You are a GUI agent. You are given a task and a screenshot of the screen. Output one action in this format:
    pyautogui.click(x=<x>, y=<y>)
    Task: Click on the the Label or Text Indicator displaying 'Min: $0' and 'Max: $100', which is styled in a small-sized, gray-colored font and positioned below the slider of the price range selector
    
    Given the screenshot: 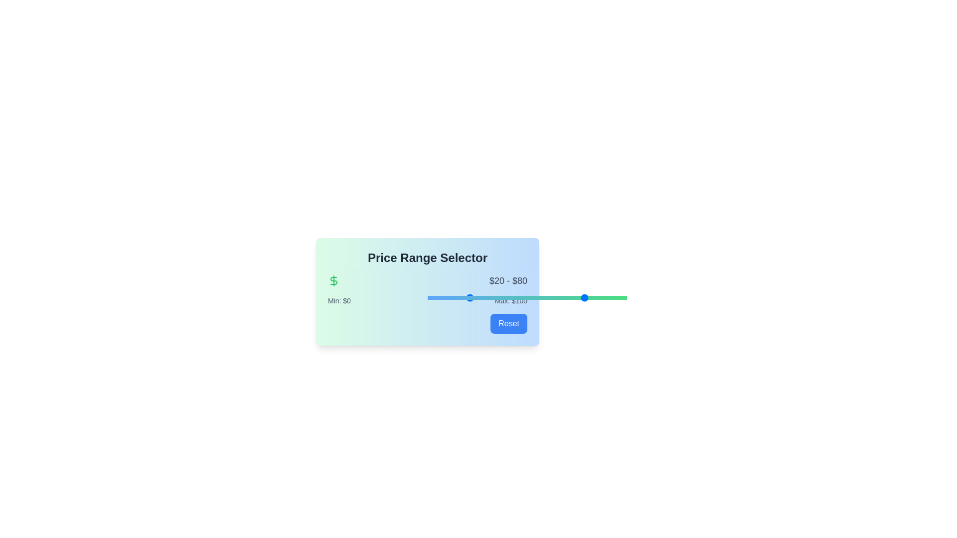 What is the action you would take?
    pyautogui.click(x=428, y=300)
    